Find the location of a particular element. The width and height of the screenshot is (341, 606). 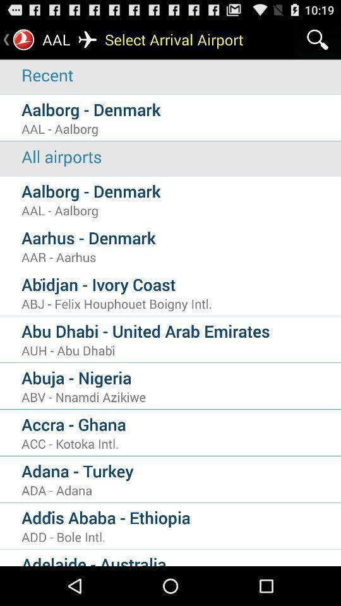

addi s ababa icon is located at coordinates (181, 517).